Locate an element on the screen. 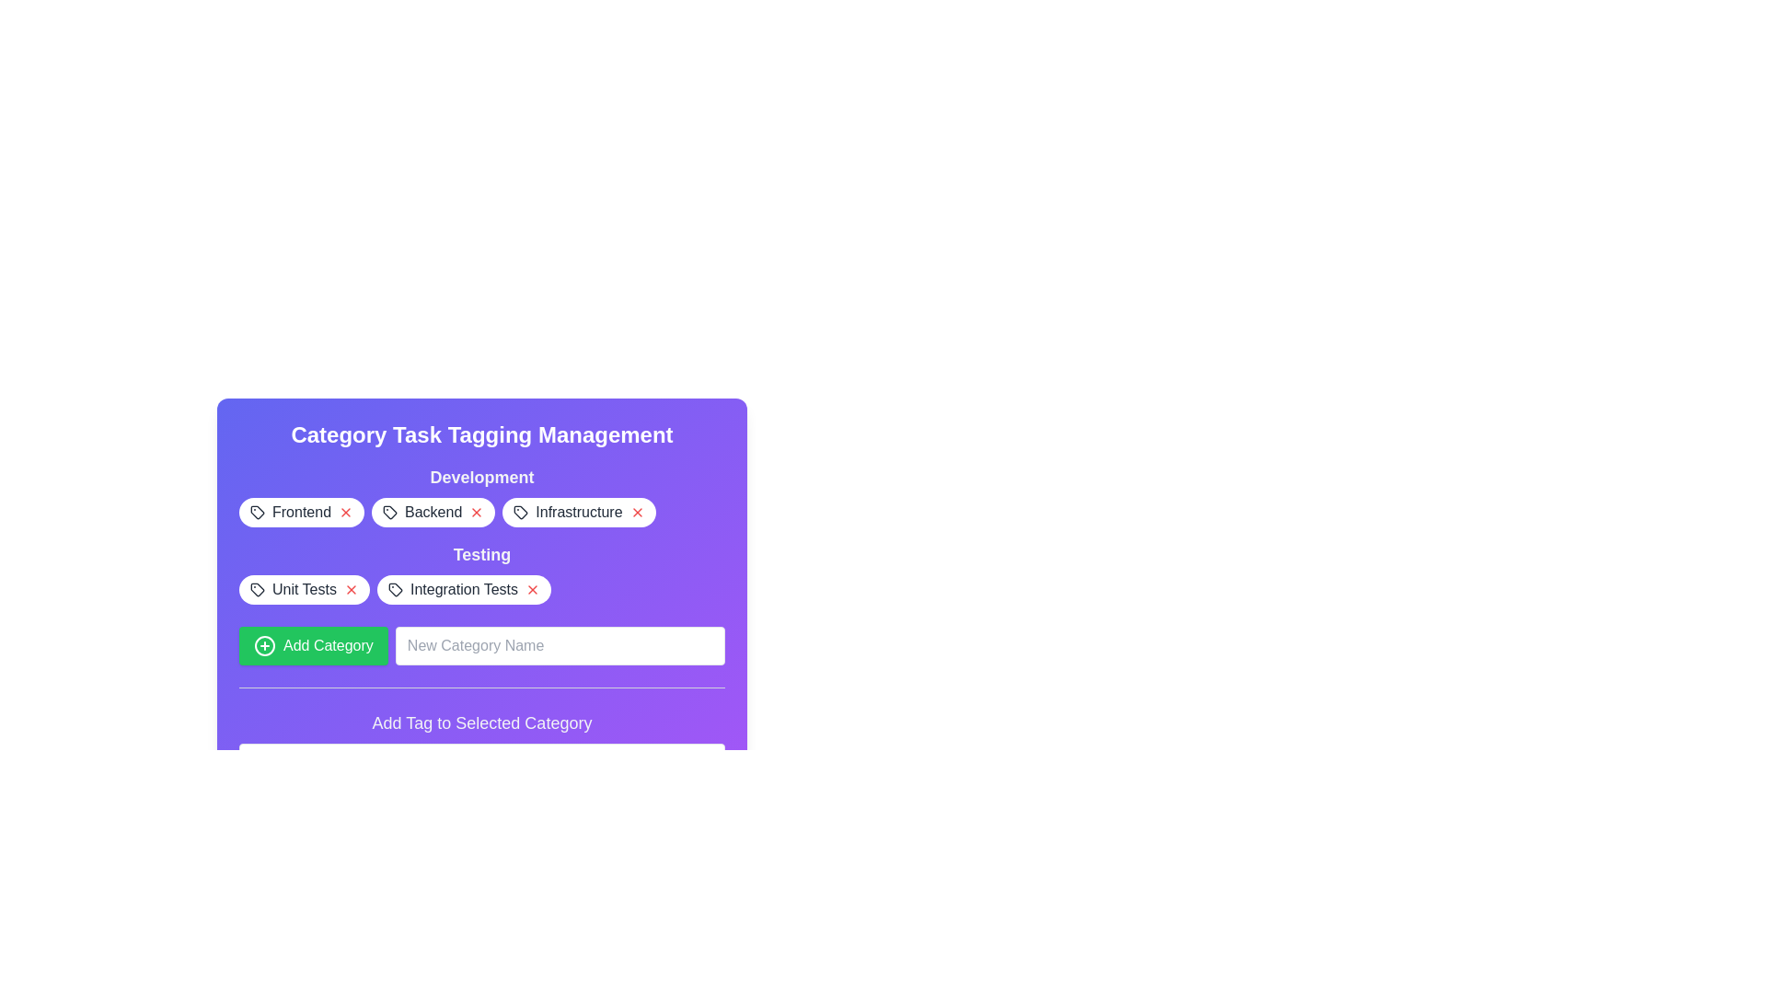 The image size is (1767, 994). the 'Backend' category tag icon in the 'Development' section of the 'Category Task Tagging Management' interface is located at coordinates (389, 512).